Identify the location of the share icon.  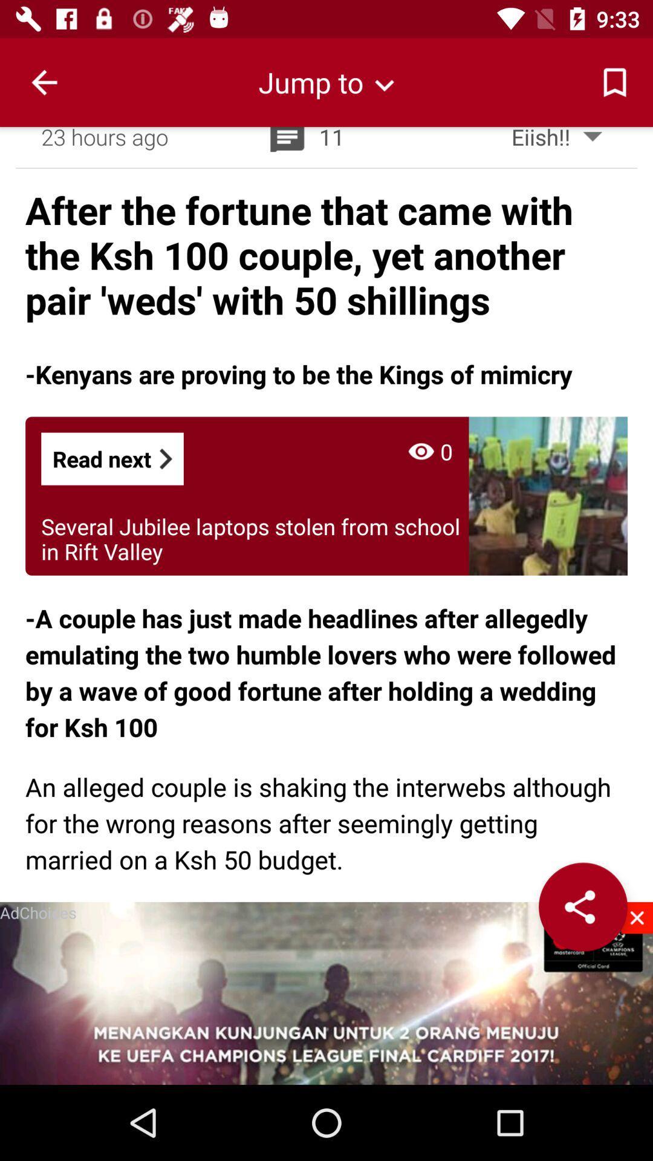
(582, 906).